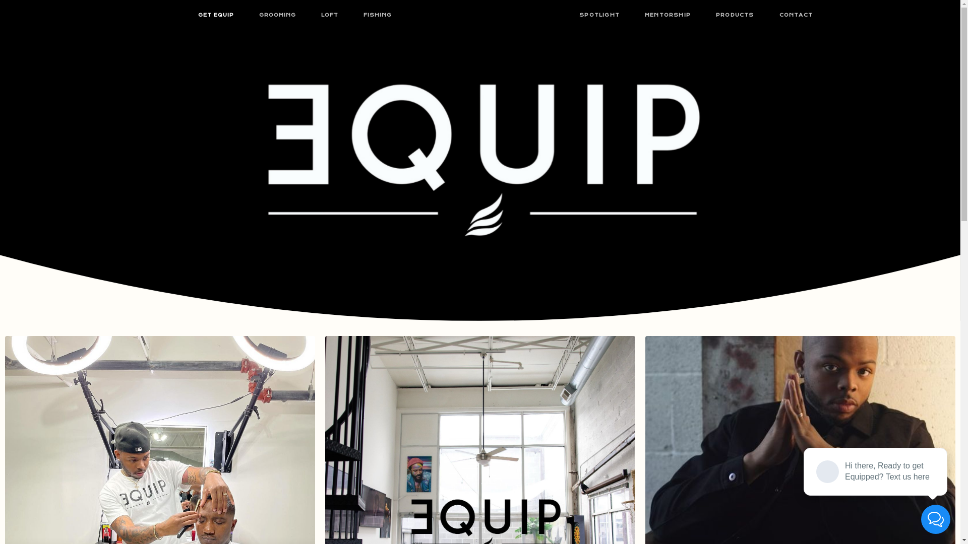 Image resolution: width=968 pixels, height=544 pixels. I want to click on 'MENTORSHIP', so click(631, 15).